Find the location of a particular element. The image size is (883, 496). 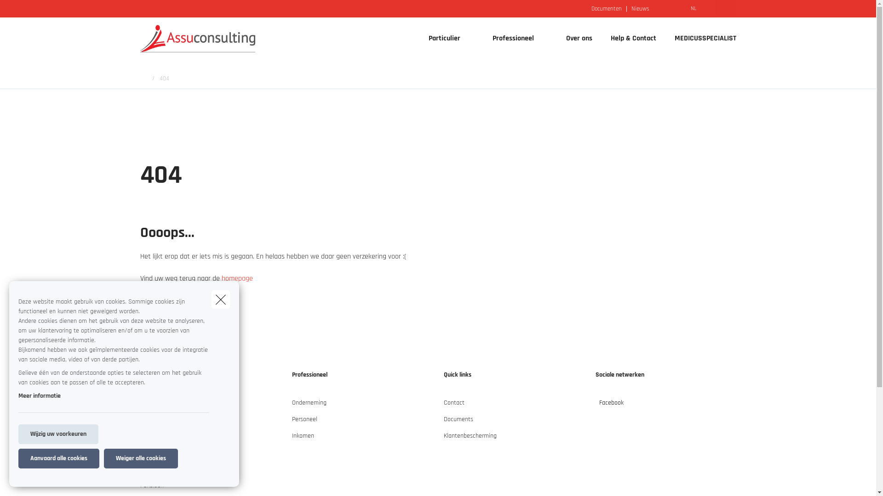

'Meer informatie' is located at coordinates (39, 395).